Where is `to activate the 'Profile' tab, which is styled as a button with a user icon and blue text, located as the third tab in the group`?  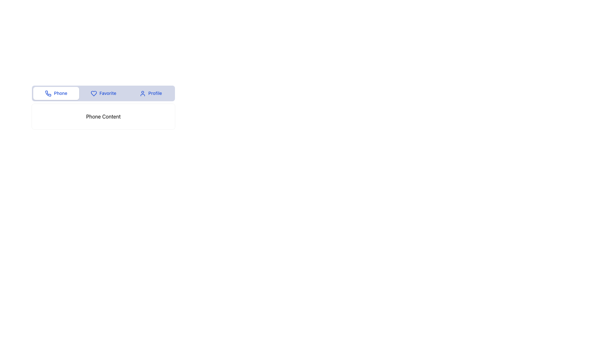
to activate the 'Profile' tab, which is styled as a button with a user icon and blue text, located as the third tab in the group is located at coordinates (150, 93).